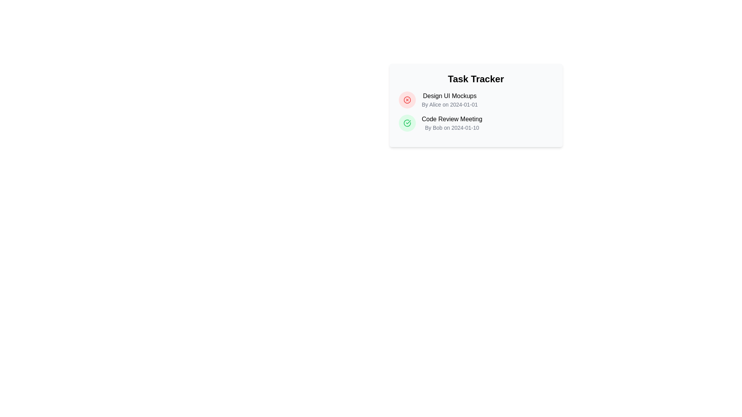 The image size is (742, 417). Describe the element at coordinates (449, 99) in the screenshot. I see `and copy the text from the first task item in the task tracker interface, which is located to the right of a red circular icon` at that location.